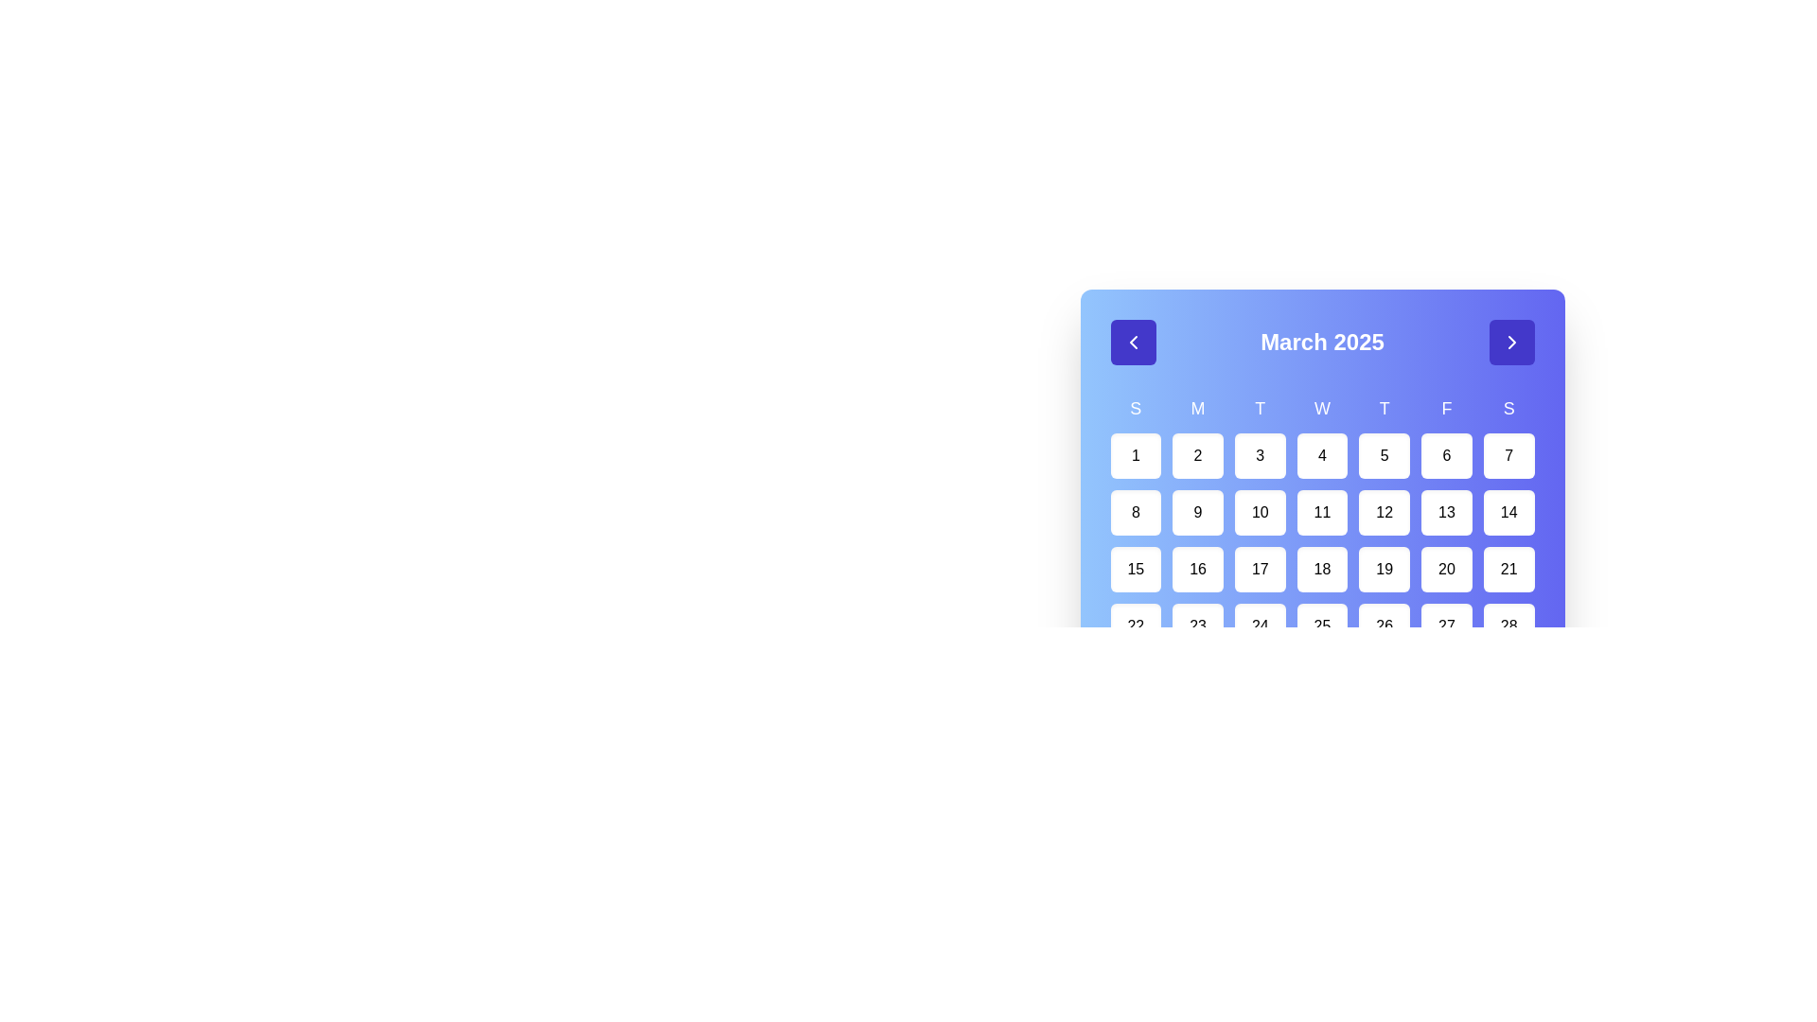  What do you see at coordinates (1445, 568) in the screenshot?
I see `the white rounded button displaying the number '20' in black bold text, located in the fourth row and sixth column of the calendar layout` at bounding box center [1445, 568].